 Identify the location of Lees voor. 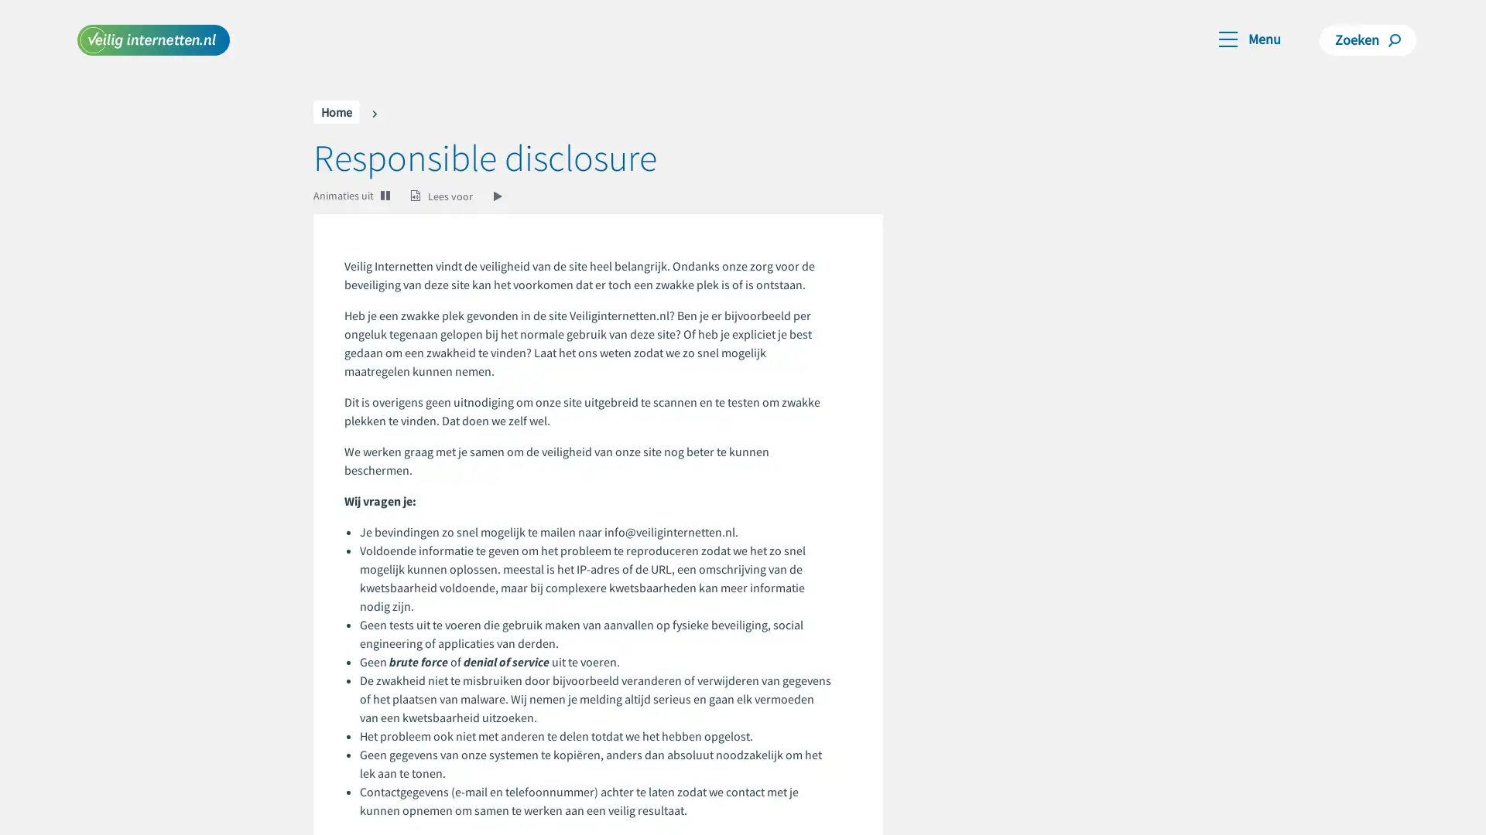
(458, 195).